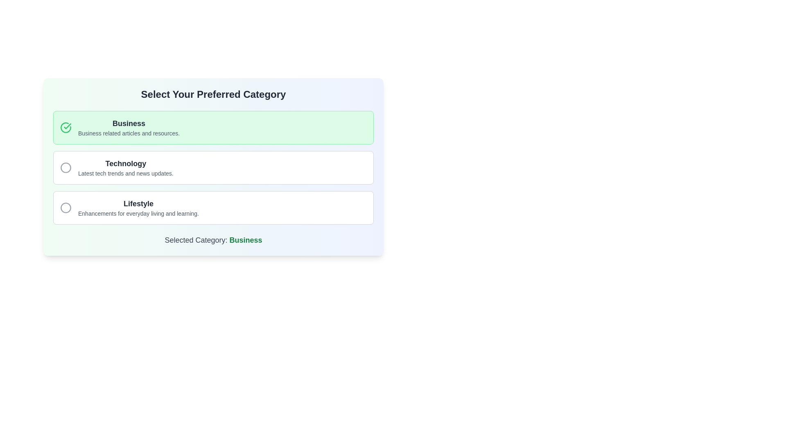 This screenshot has height=442, width=786. What do you see at coordinates (129, 128) in the screenshot?
I see `text content of the header element located in the topmost category card under the title 'Select Your Preferred Category', which is highlighted in green and follows a green checkmark icon` at bounding box center [129, 128].